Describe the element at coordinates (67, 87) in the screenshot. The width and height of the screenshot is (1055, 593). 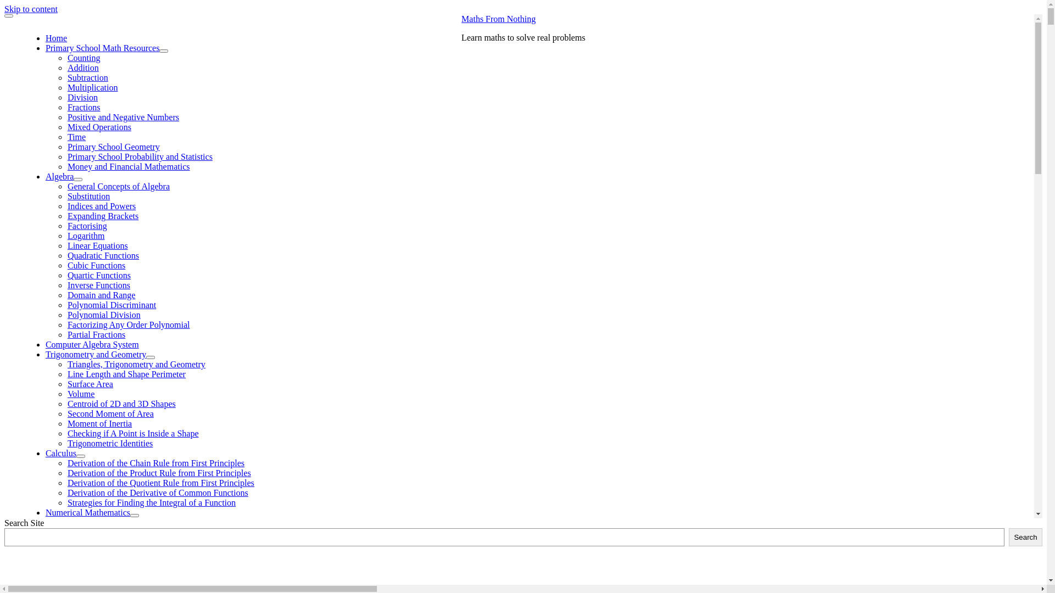
I see `'Multiplication'` at that location.